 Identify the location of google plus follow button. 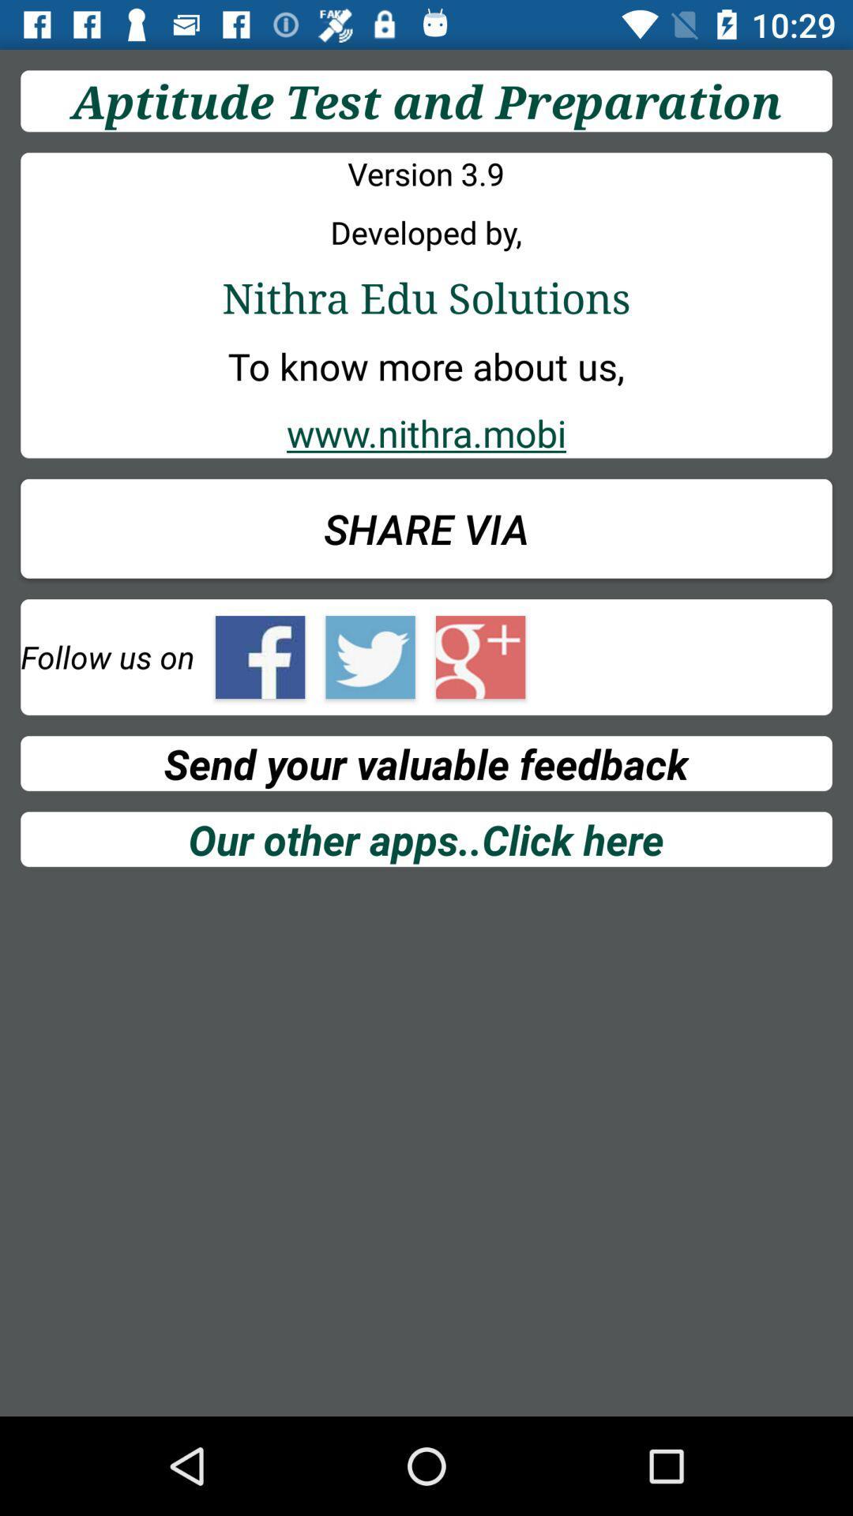
(479, 657).